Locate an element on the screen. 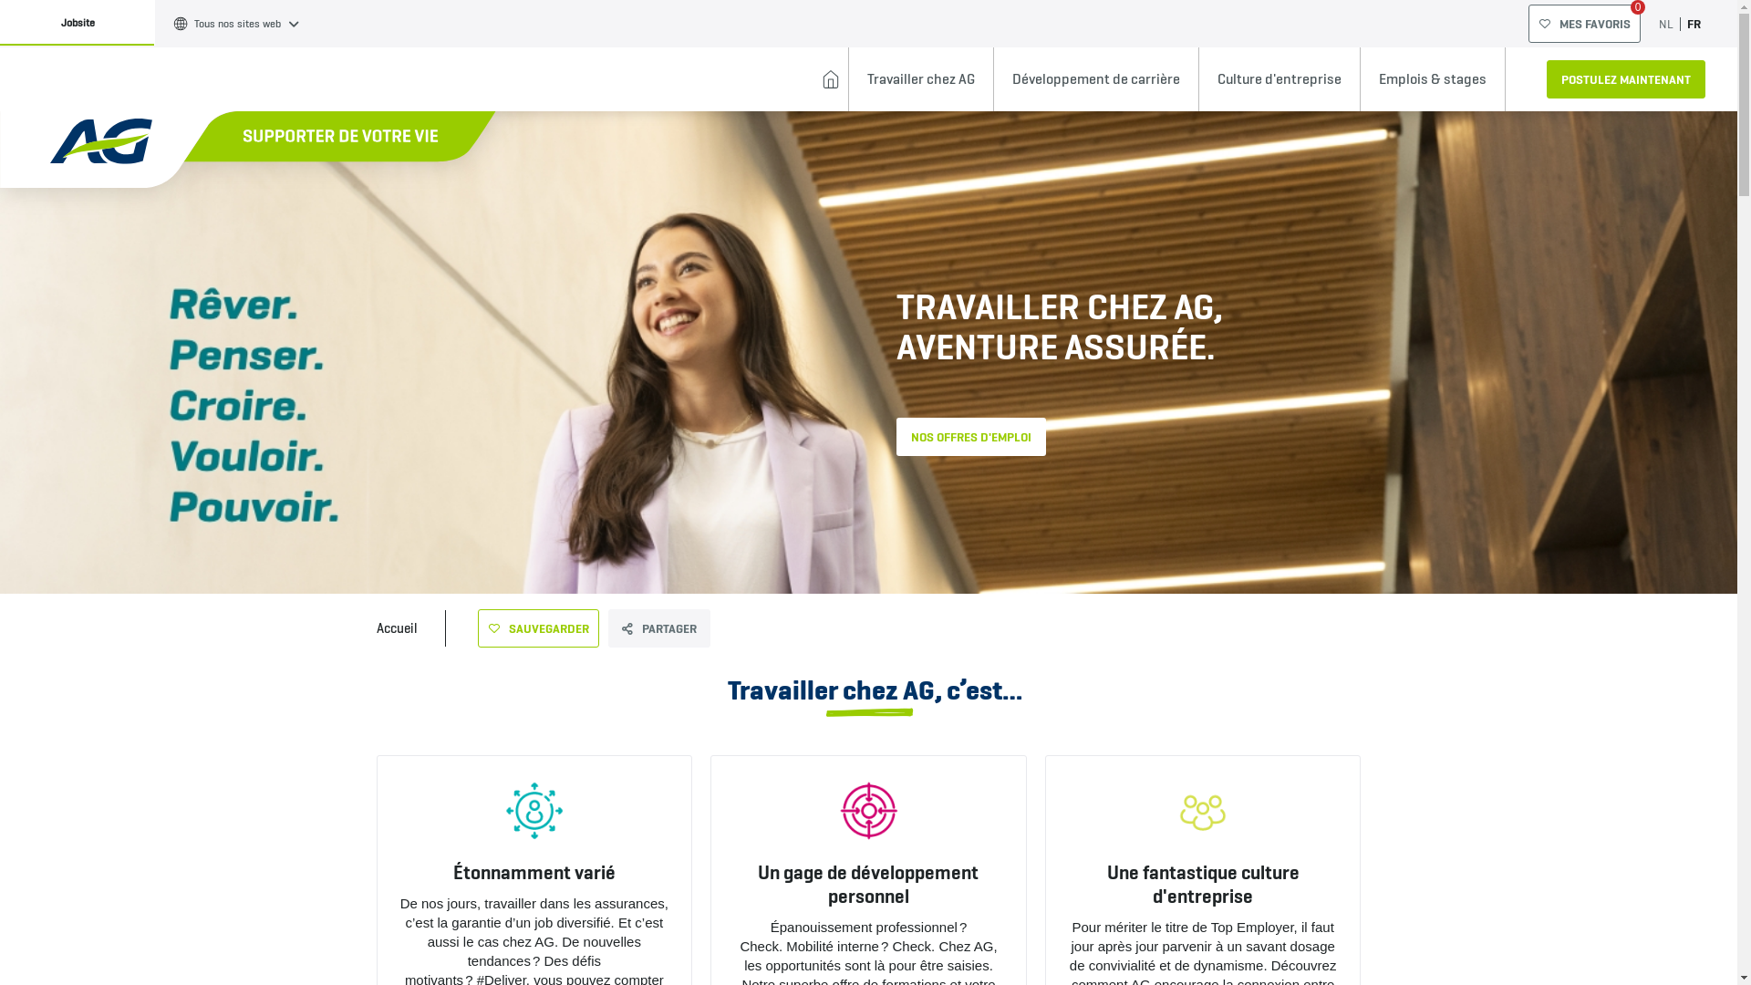  'NL' is located at coordinates (1666, 24).